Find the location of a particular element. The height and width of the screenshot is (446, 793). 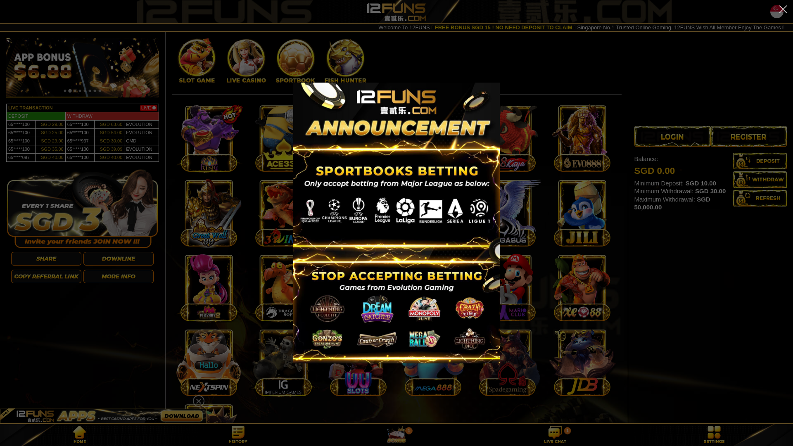

'LOGIN' is located at coordinates (672, 136).